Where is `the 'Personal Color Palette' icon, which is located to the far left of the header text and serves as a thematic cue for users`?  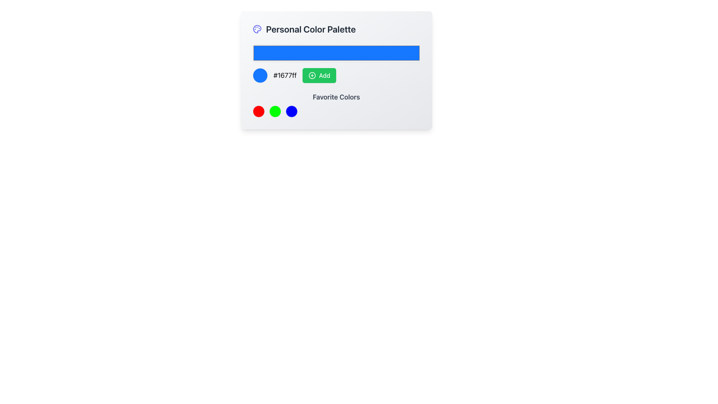
the 'Personal Color Palette' icon, which is located to the far left of the header text and serves as a thematic cue for users is located at coordinates (257, 28).